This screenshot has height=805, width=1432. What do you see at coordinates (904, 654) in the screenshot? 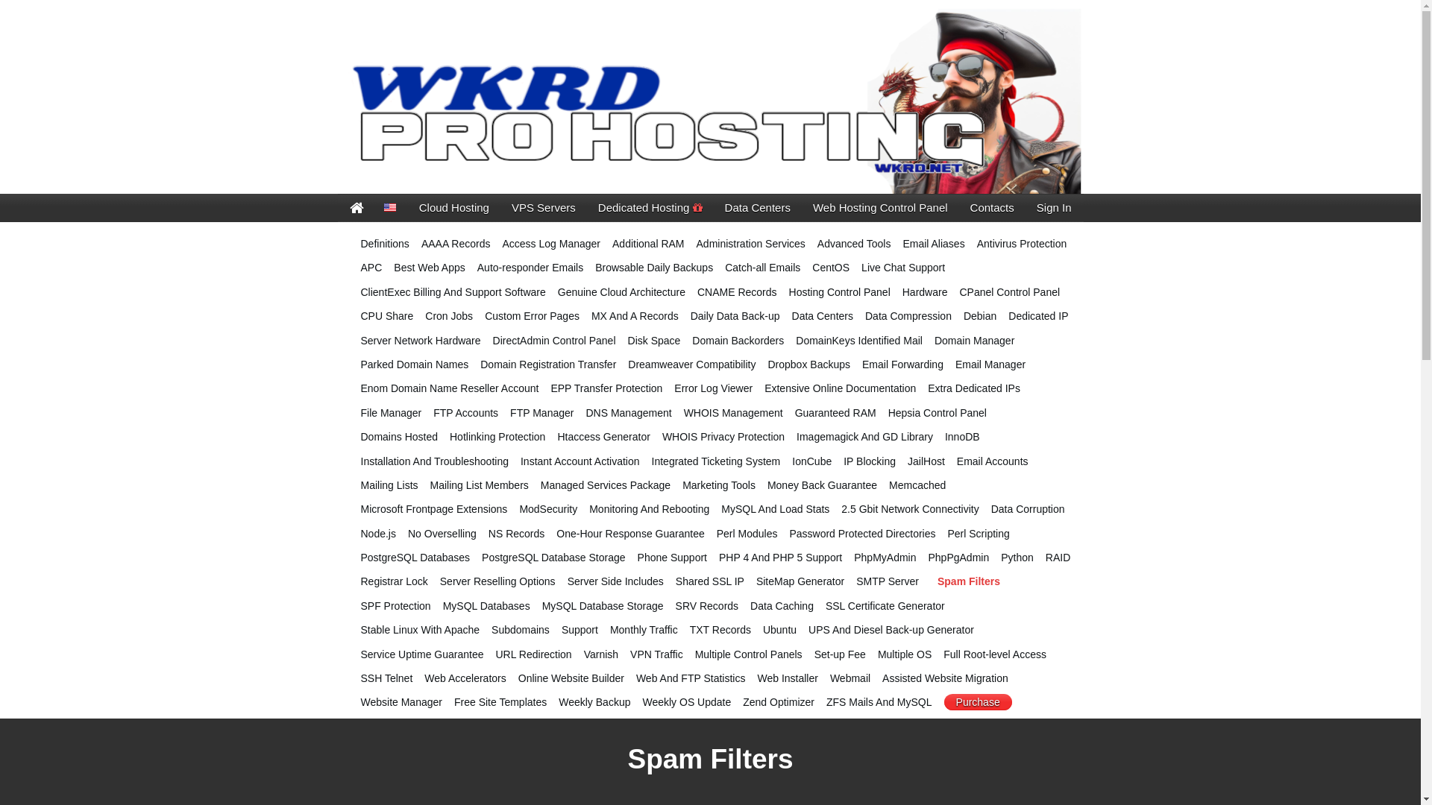
I see `'Multiple OS'` at bounding box center [904, 654].